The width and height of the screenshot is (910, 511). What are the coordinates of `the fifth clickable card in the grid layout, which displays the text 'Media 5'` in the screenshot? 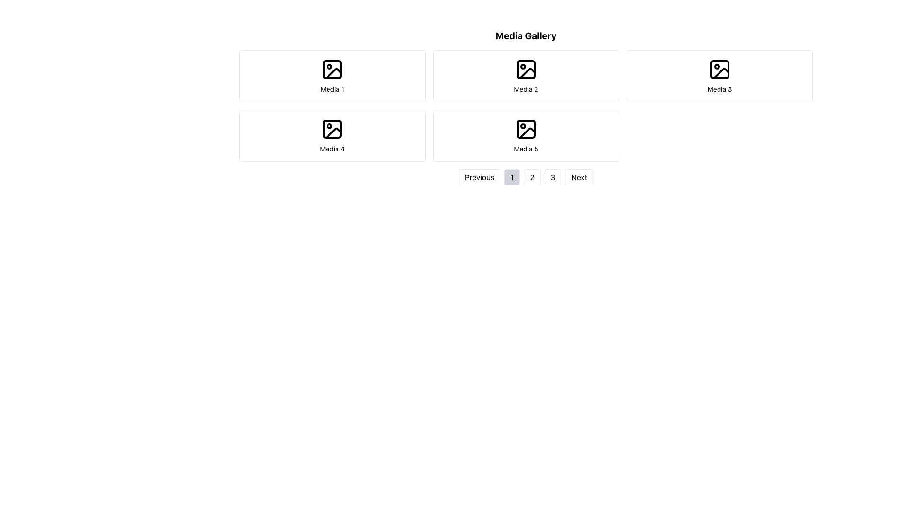 It's located at (525, 135).